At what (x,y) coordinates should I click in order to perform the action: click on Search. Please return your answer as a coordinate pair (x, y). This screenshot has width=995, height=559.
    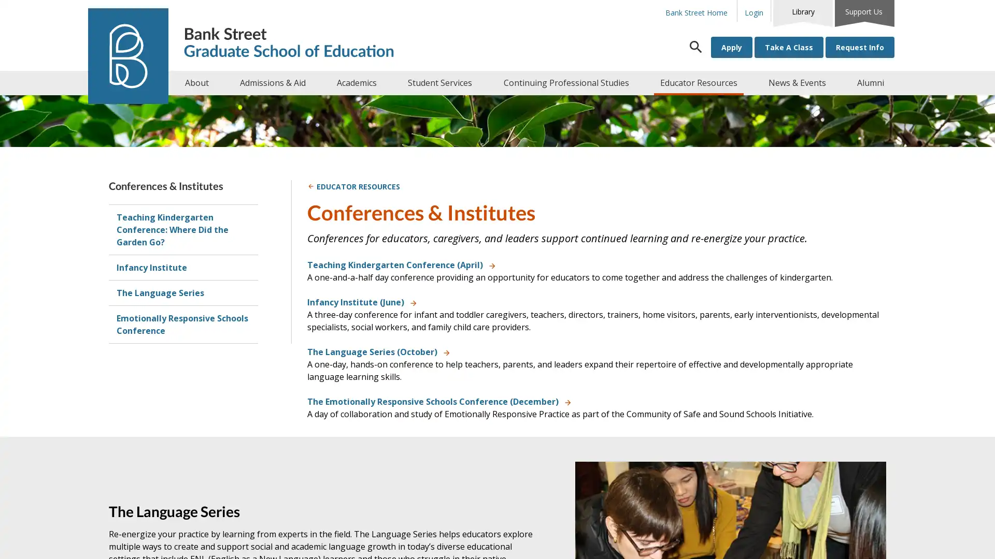
    Looking at the image, I should click on (696, 47).